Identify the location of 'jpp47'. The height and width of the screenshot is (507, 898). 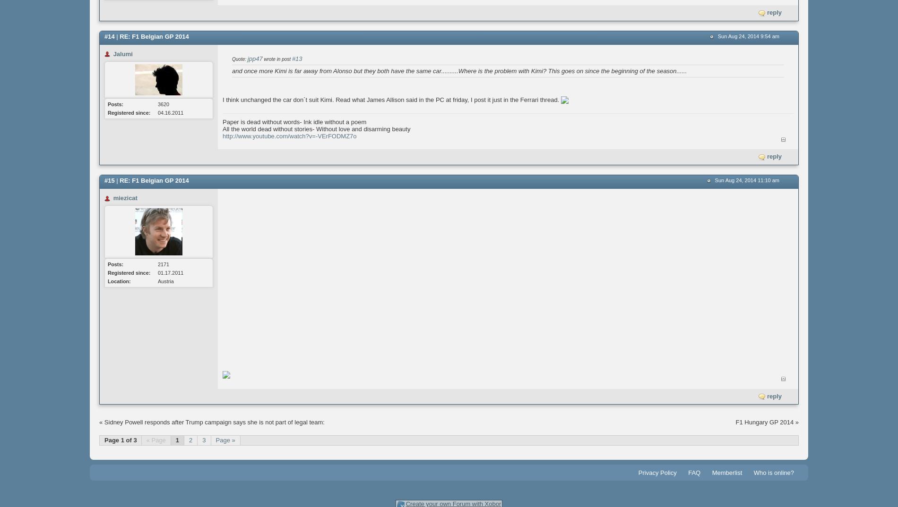
(255, 58).